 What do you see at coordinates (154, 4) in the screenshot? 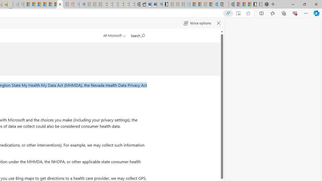
I see `'Cheap Car Rentals - Save70.com'` at bounding box center [154, 4].